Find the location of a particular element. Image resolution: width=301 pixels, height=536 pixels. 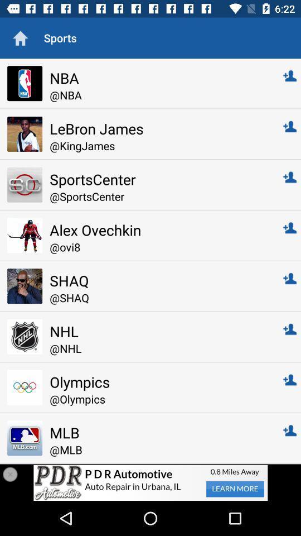

website for advertisement is located at coordinates (151, 482).